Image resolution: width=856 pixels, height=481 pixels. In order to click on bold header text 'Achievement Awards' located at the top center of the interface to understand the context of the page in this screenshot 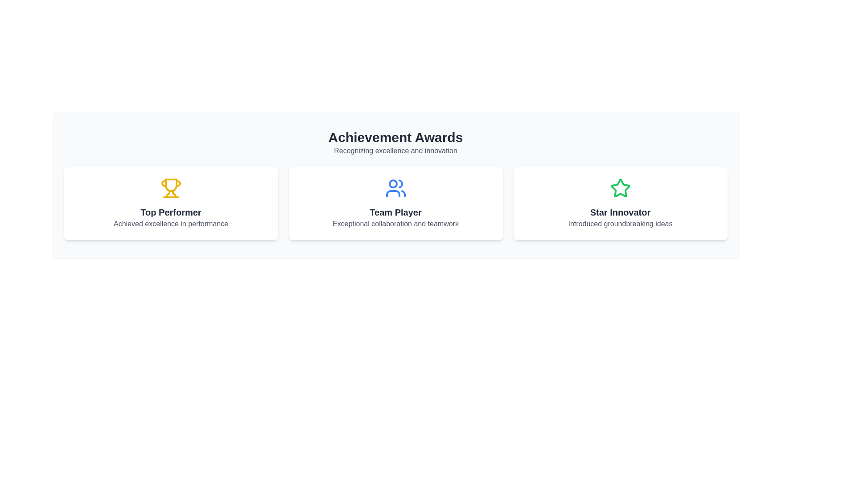, I will do `click(395, 137)`.